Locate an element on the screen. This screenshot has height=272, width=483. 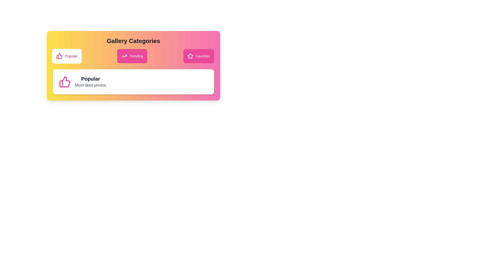
styling of the 'Favorites' text label, which is rendered in white on a pink background and is part of a button-like component adjacent to a star icon is located at coordinates (203, 56).